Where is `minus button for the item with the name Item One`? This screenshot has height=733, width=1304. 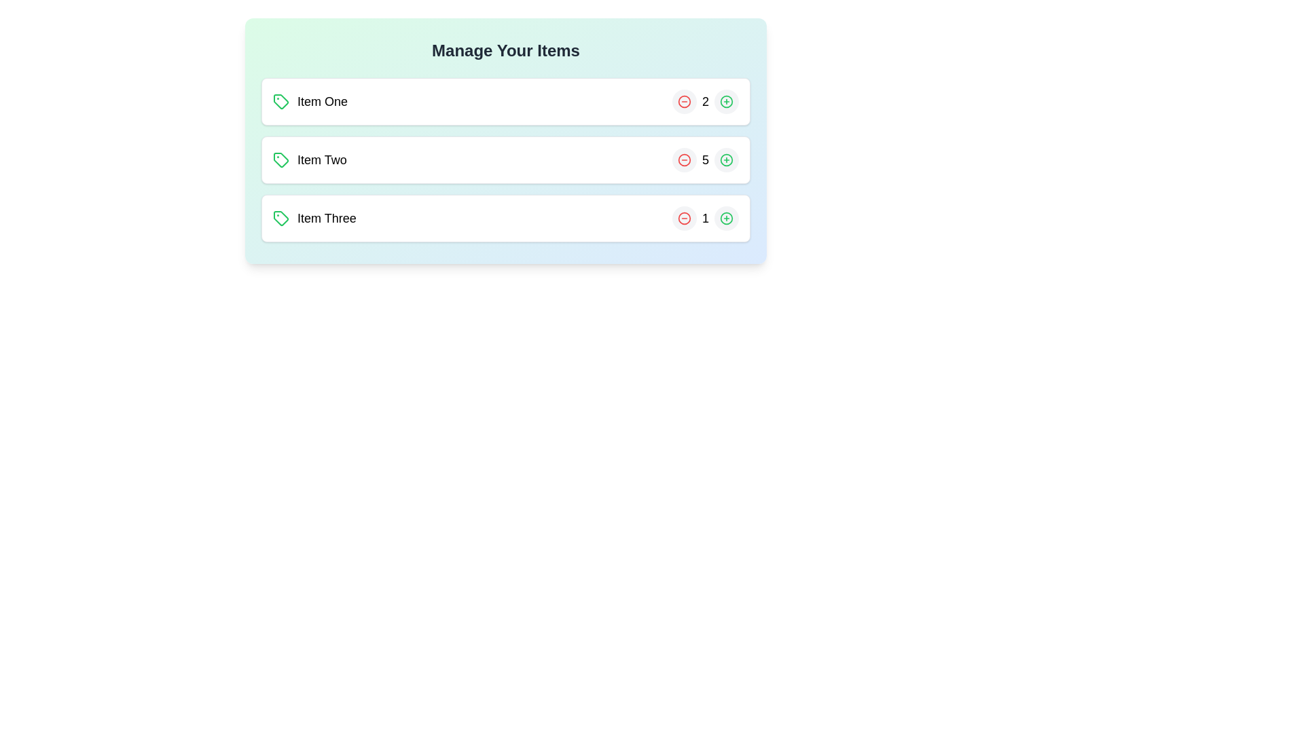
minus button for the item with the name Item One is located at coordinates (685, 101).